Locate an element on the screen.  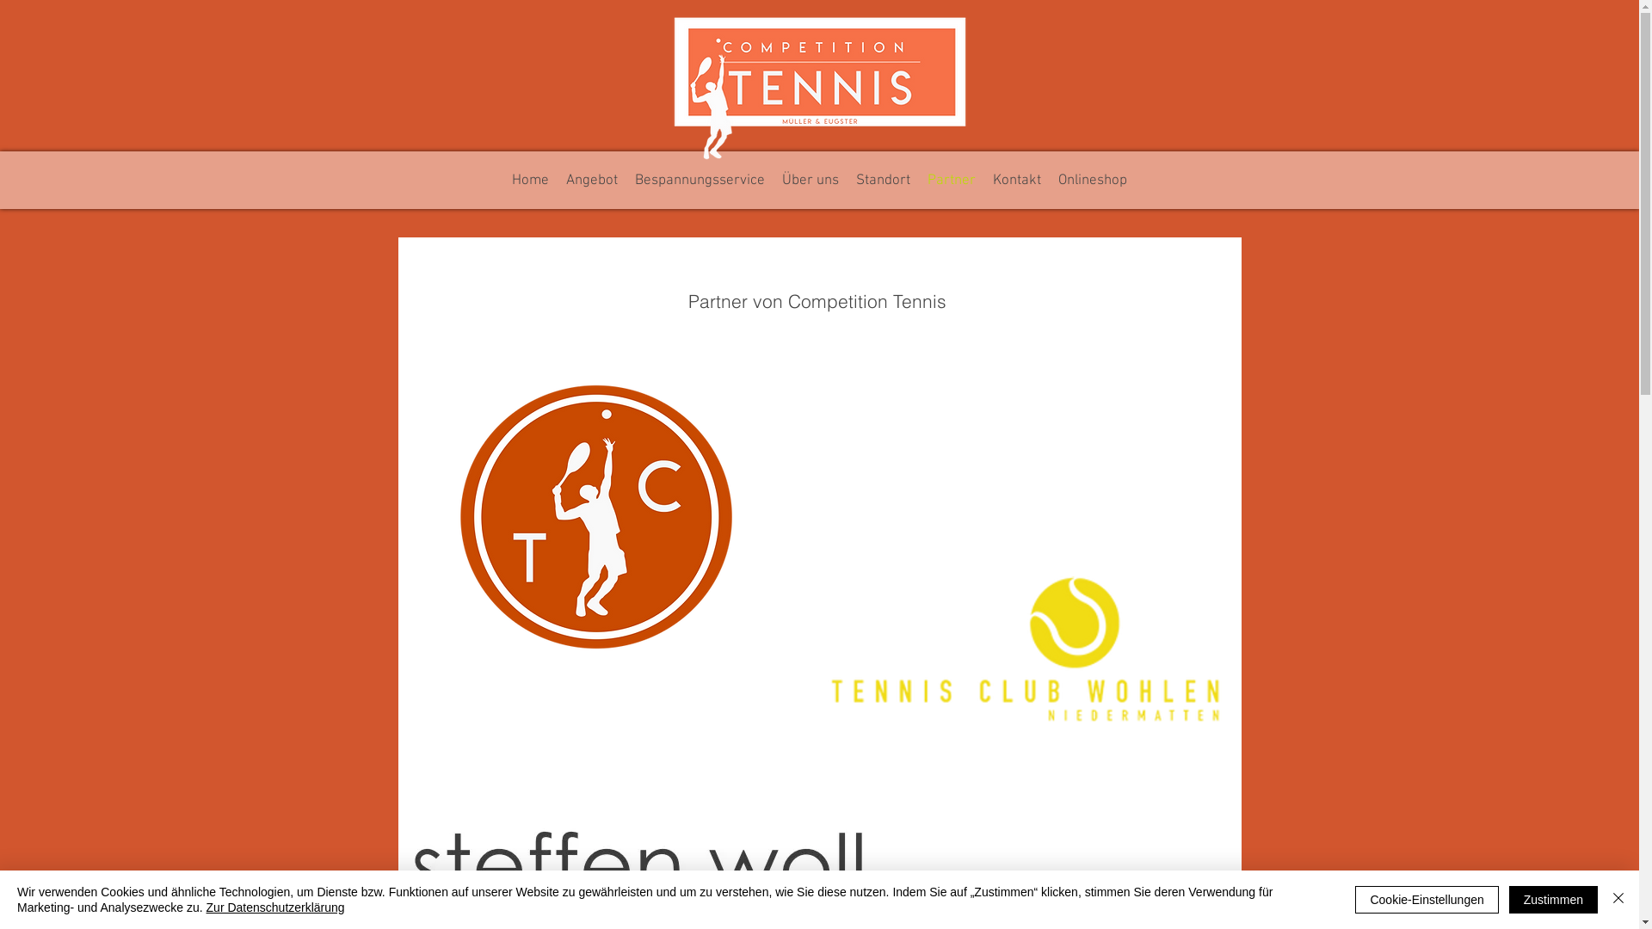
'Kontakt' is located at coordinates (1016, 180).